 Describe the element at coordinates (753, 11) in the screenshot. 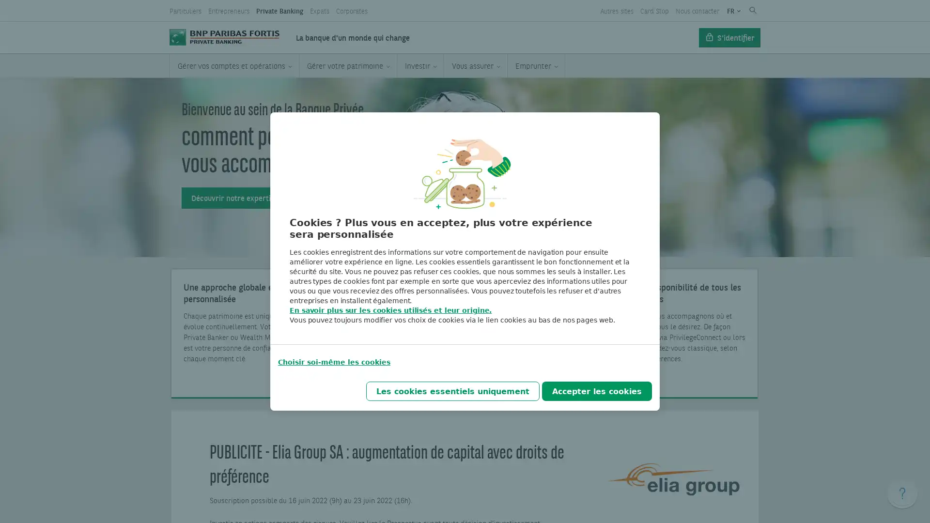

I see `Submit` at that location.